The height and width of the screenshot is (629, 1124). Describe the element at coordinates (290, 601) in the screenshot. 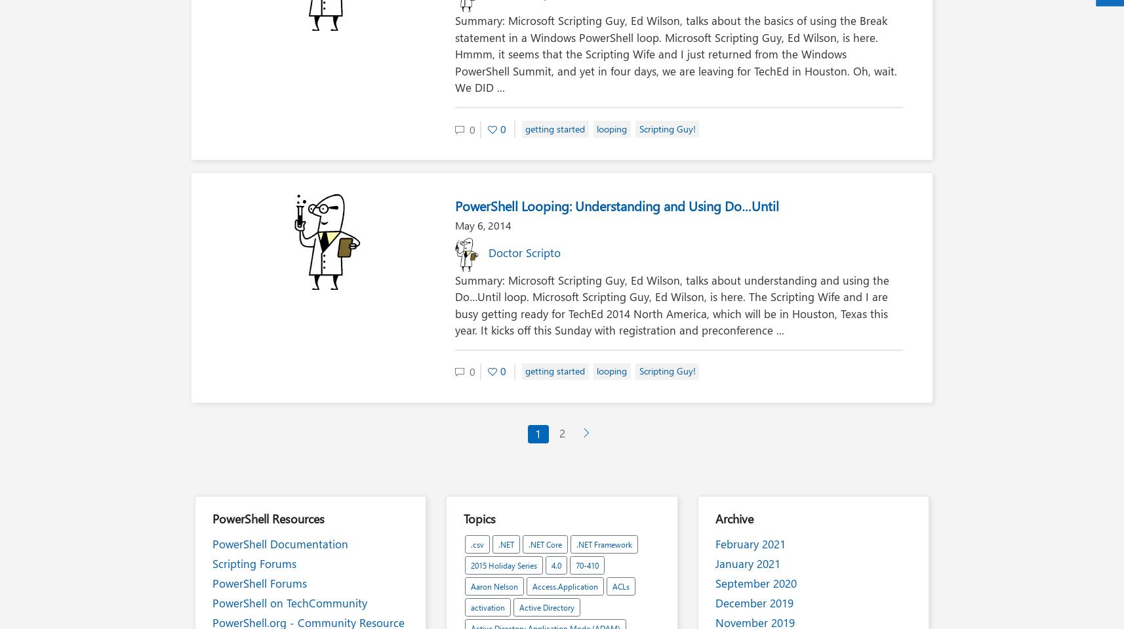

I see `'PowerShell on TechCommunity'` at that location.